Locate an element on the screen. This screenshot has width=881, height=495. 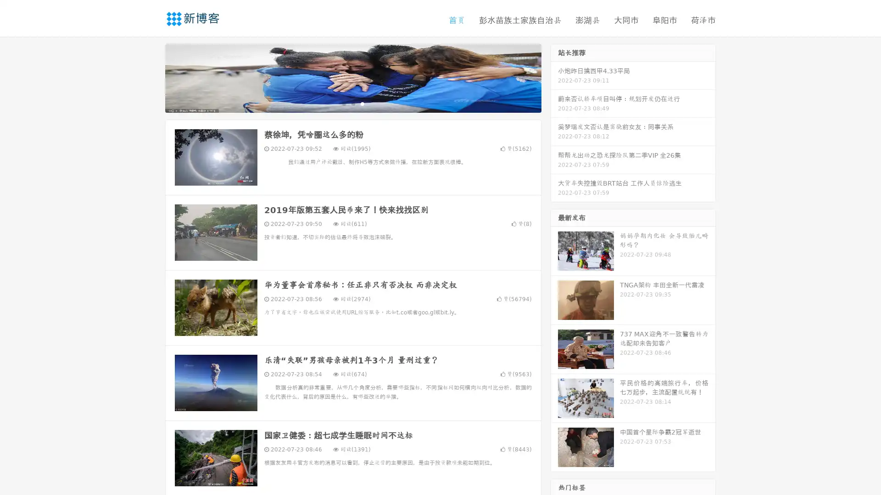
Go to slide 1 is located at coordinates (343, 103).